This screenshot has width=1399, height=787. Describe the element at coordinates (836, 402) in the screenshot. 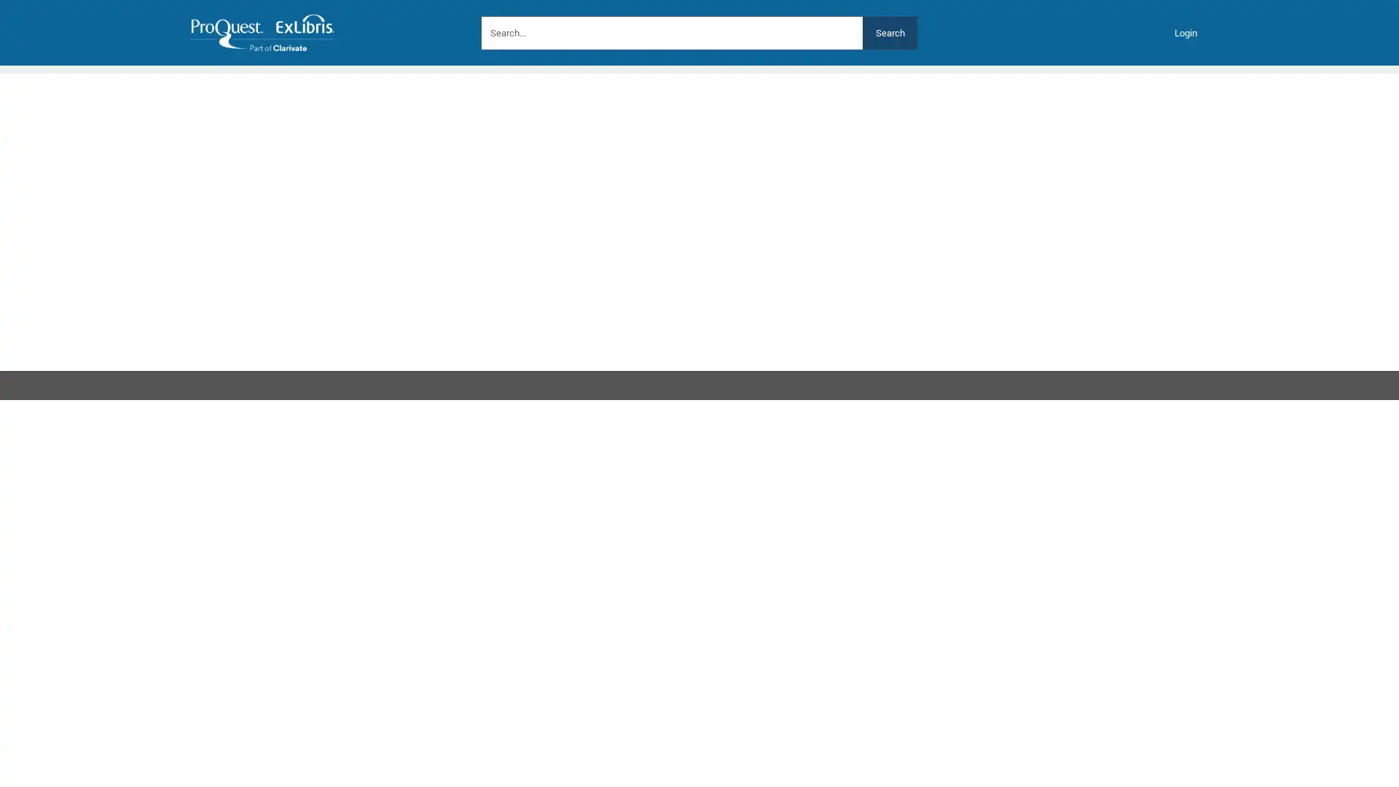

I see `Next` at that location.